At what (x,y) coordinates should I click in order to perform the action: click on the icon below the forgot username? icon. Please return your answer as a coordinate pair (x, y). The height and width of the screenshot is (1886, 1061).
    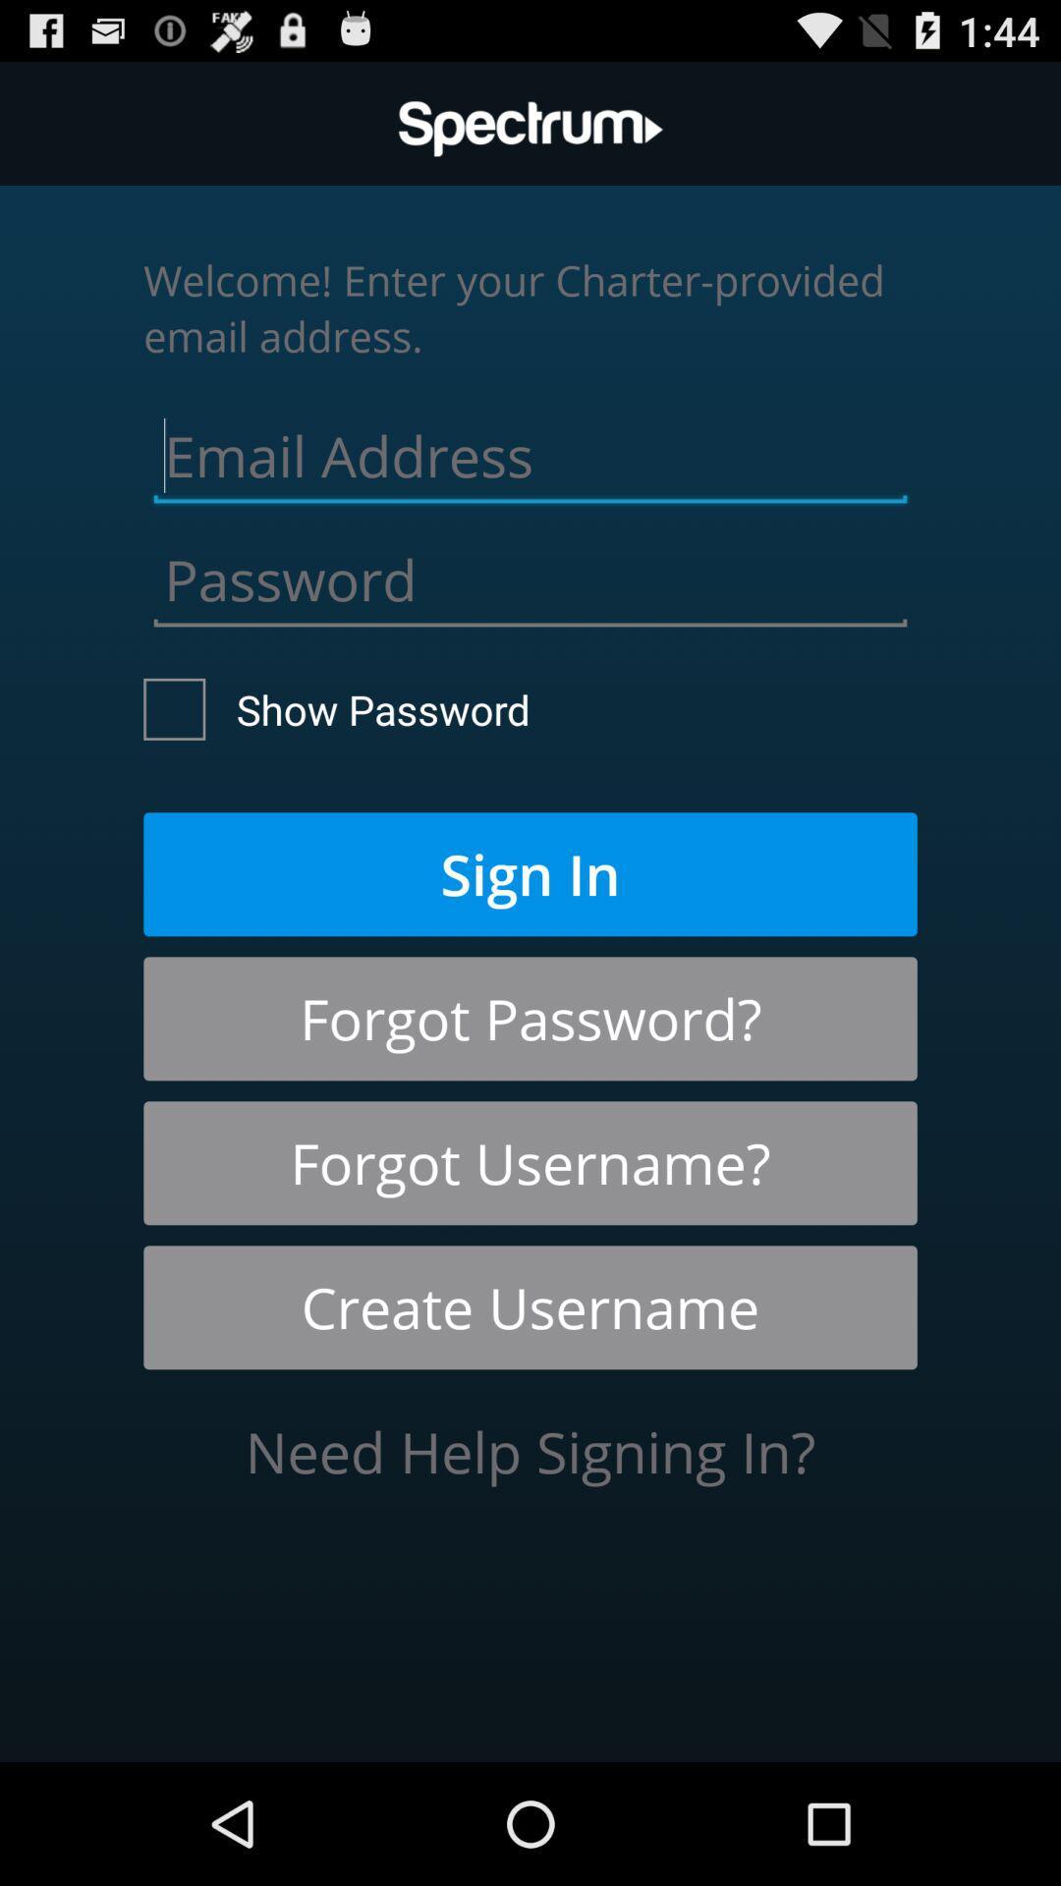
    Looking at the image, I should click on (530, 1307).